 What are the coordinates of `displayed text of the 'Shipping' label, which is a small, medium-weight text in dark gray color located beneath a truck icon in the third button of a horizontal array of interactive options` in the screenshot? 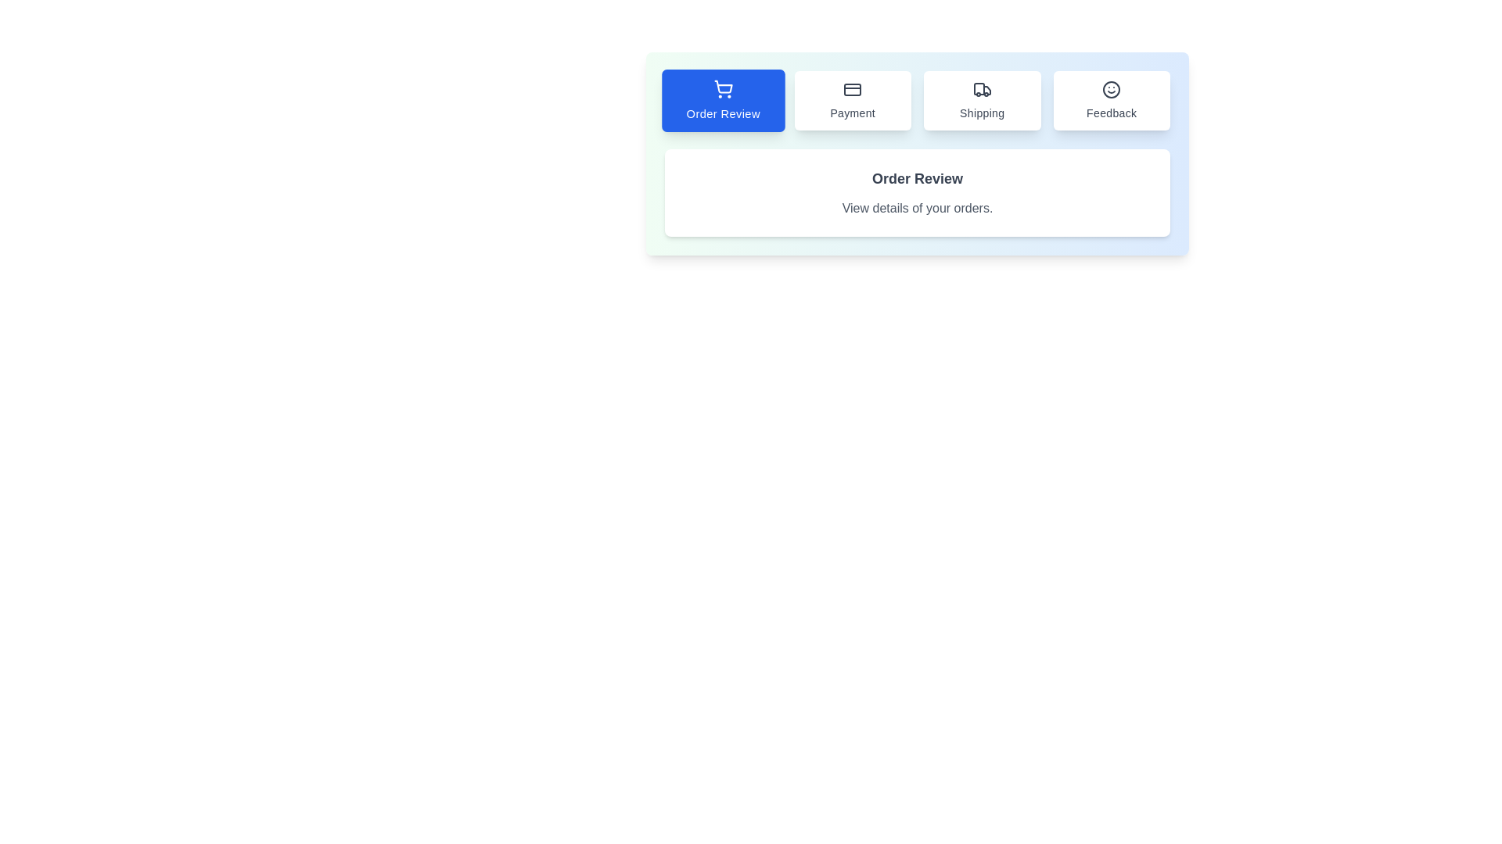 It's located at (981, 113).